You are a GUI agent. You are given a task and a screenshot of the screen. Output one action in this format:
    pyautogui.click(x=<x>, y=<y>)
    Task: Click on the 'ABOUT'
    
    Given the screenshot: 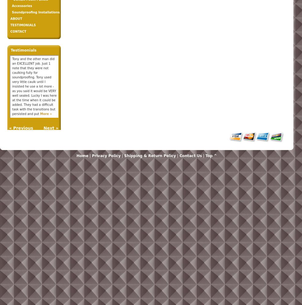 What is the action you would take?
    pyautogui.click(x=10, y=19)
    